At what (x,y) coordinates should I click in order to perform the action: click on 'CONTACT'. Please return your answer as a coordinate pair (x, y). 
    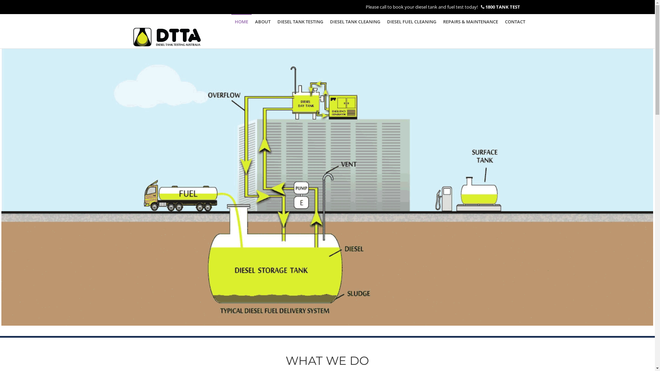
    Looking at the image, I should click on (515, 21).